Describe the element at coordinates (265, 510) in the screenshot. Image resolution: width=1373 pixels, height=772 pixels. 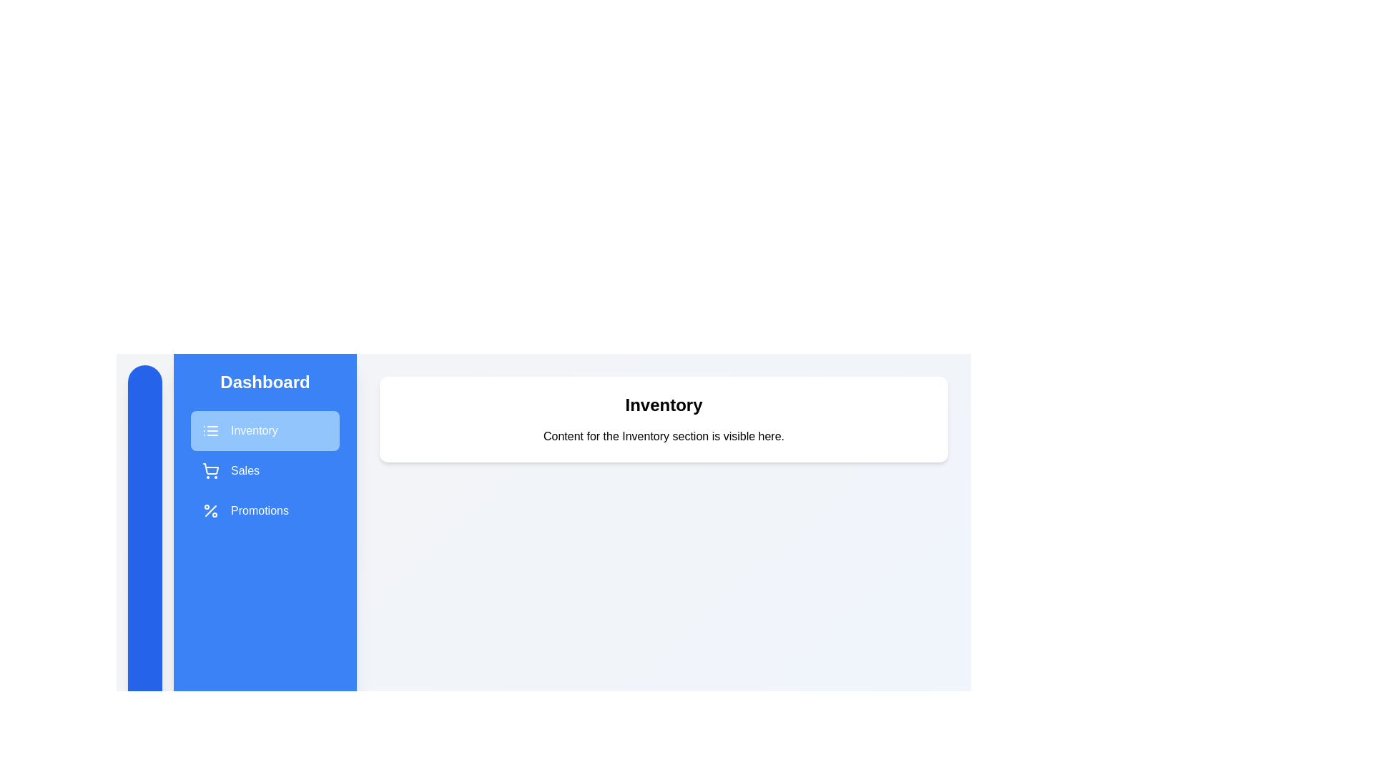
I see `the Promotions section in the sidebar menu` at that location.